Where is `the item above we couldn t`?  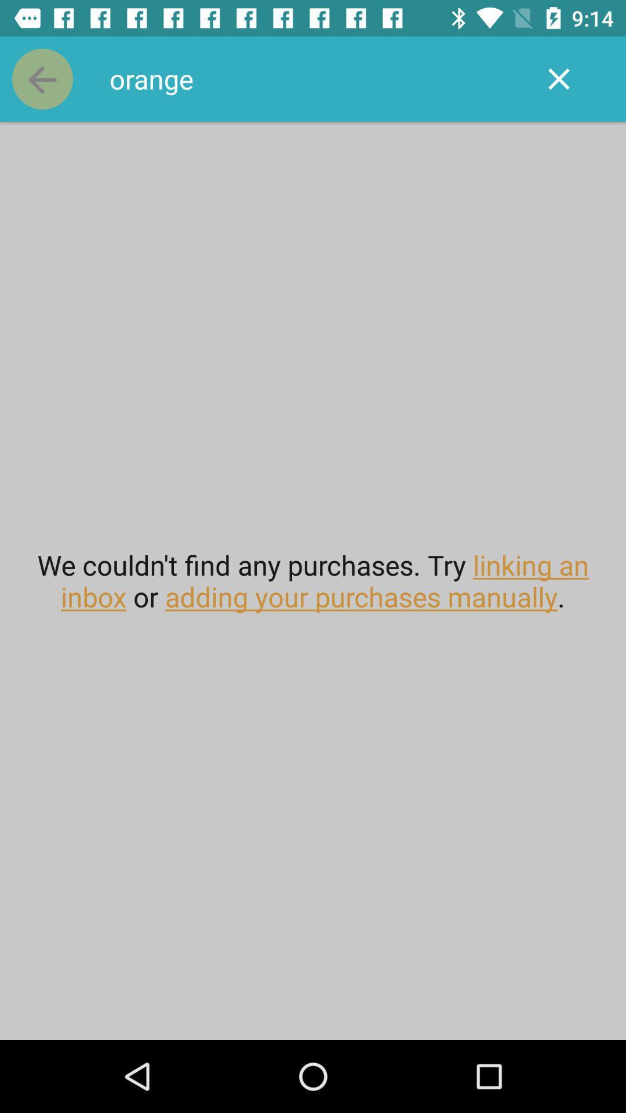 the item above we couldn t is located at coordinates (42, 78).